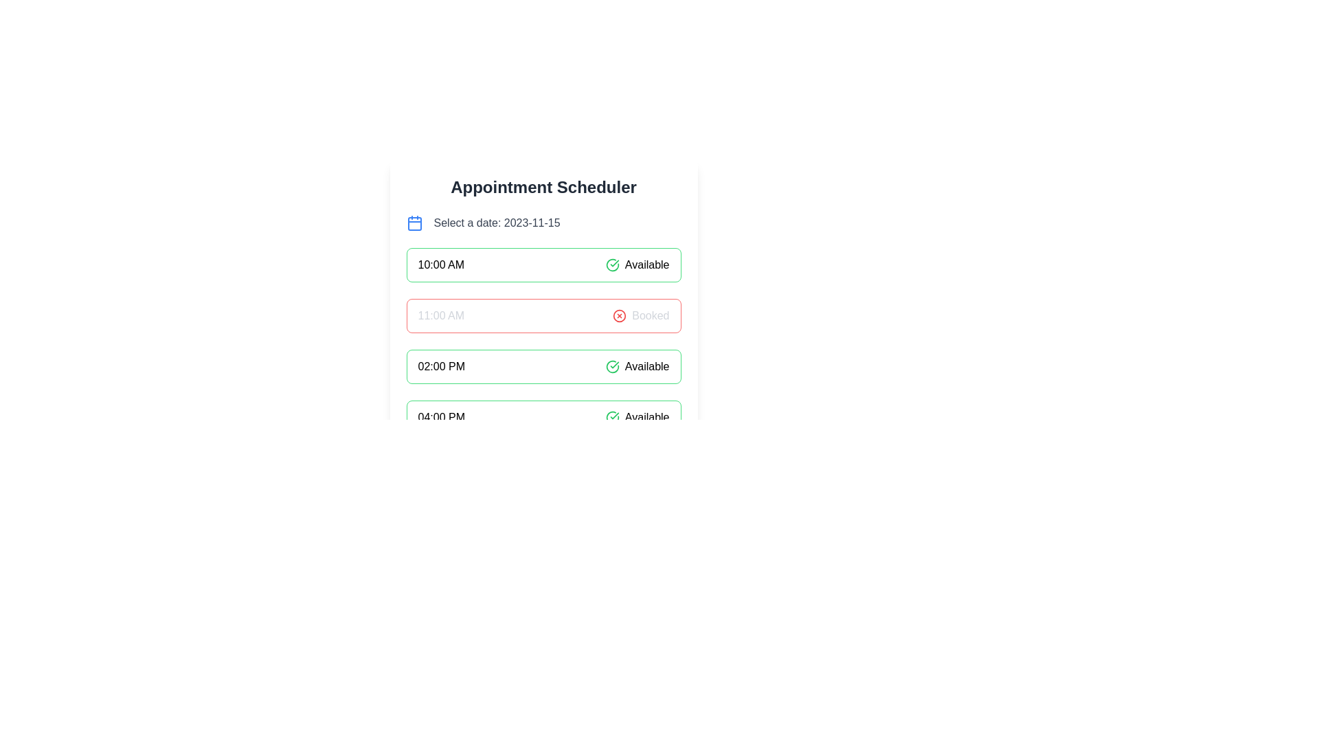 The image size is (1319, 742). What do you see at coordinates (646, 265) in the screenshot?
I see `the text label indicating availability status for the '10:00 AM' time slot in the appointment scheduler interface, located to the right of the green circular checkmark icon` at bounding box center [646, 265].